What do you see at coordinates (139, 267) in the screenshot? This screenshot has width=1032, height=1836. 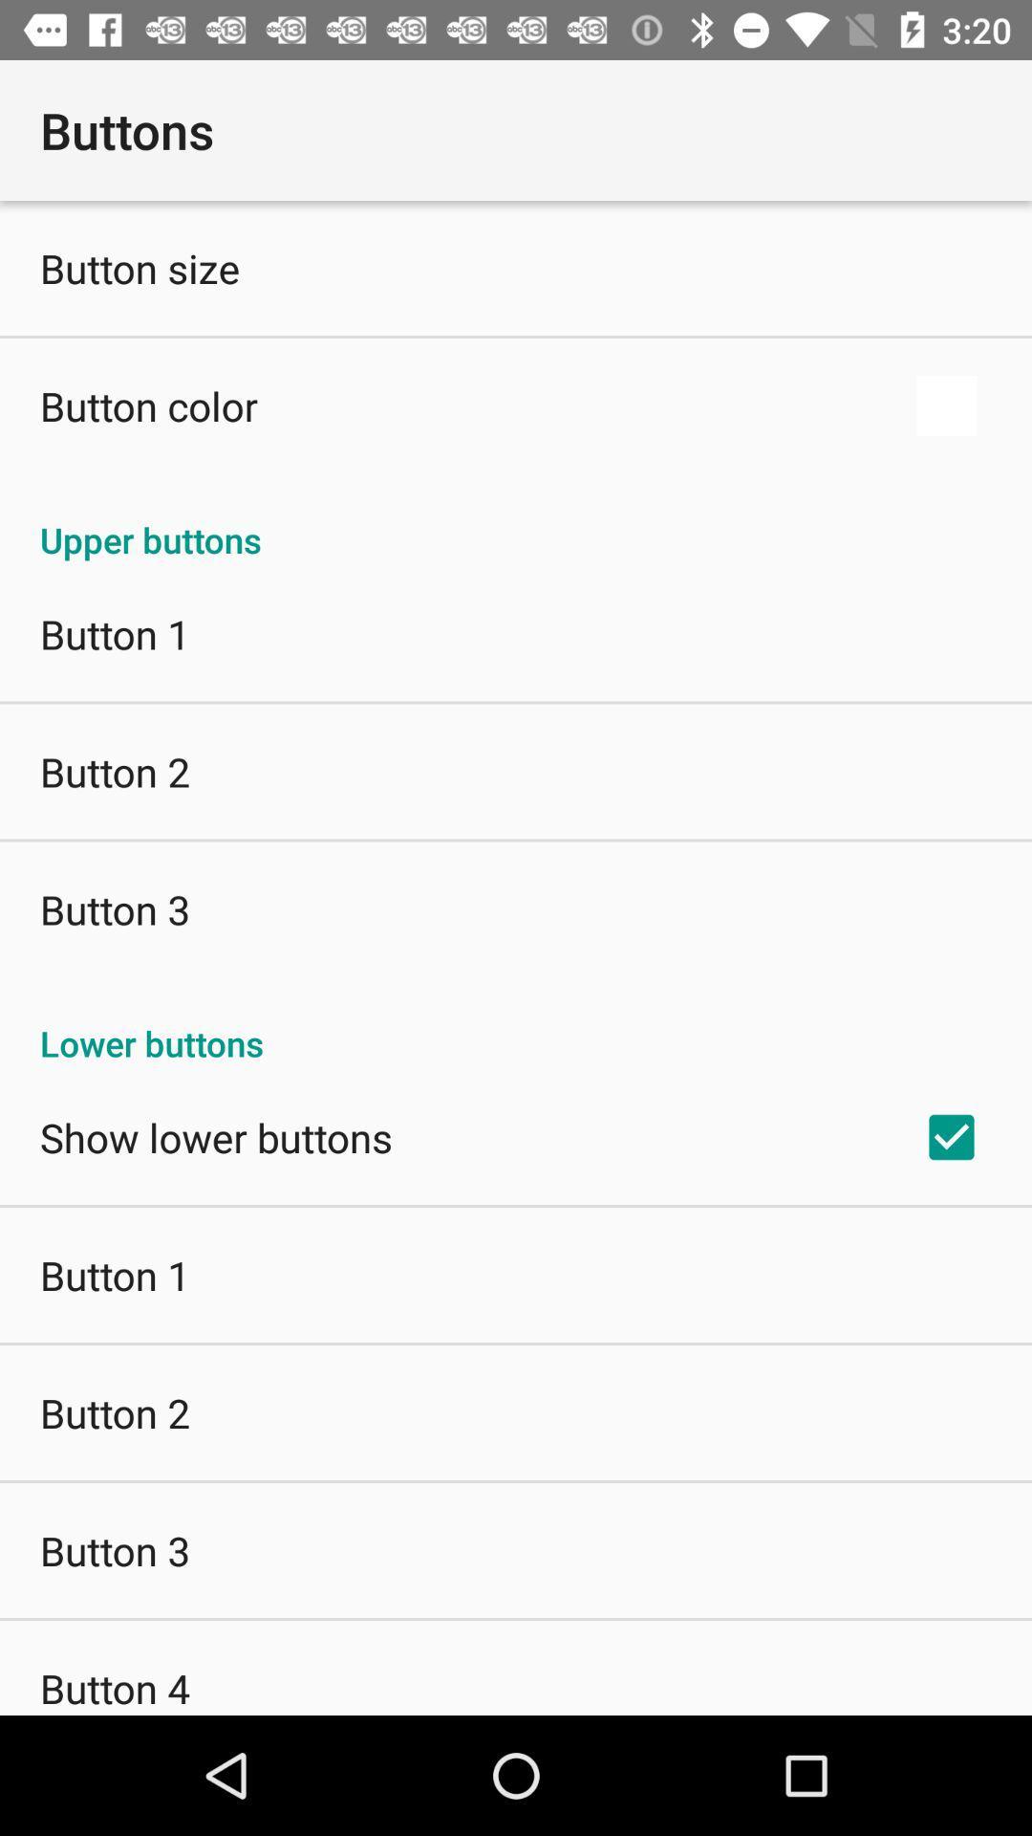 I see `icon above the button color icon` at bounding box center [139, 267].